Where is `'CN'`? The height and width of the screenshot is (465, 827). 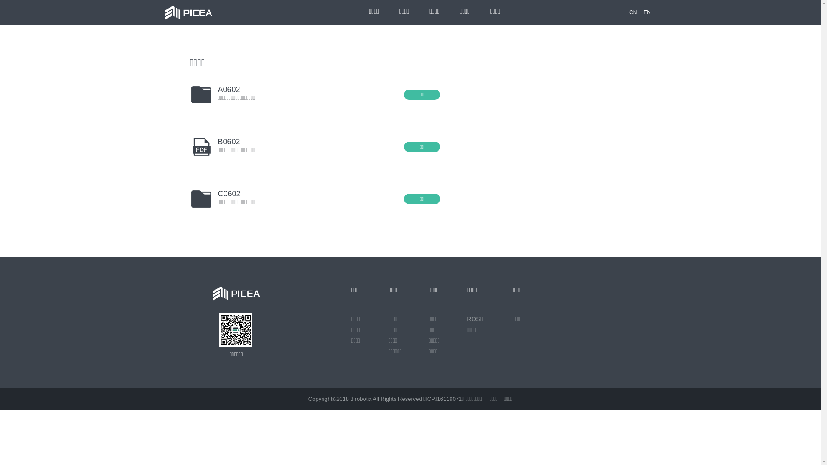
'CN' is located at coordinates (633, 12).